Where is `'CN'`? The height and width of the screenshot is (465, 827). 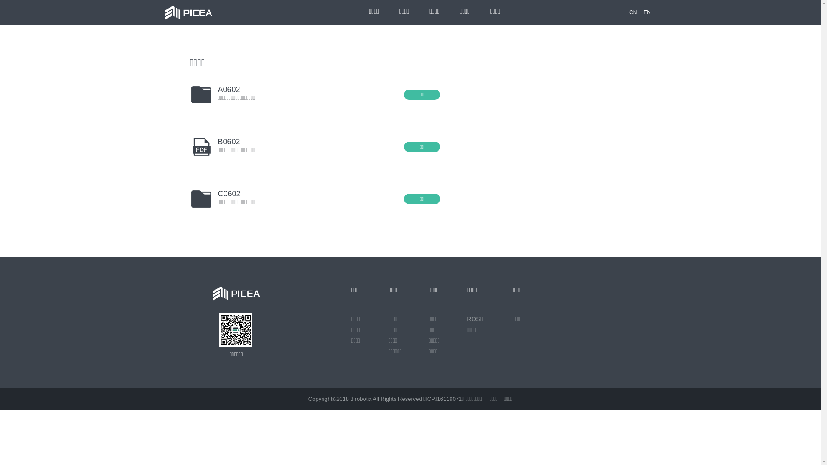
'CN' is located at coordinates (633, 12).